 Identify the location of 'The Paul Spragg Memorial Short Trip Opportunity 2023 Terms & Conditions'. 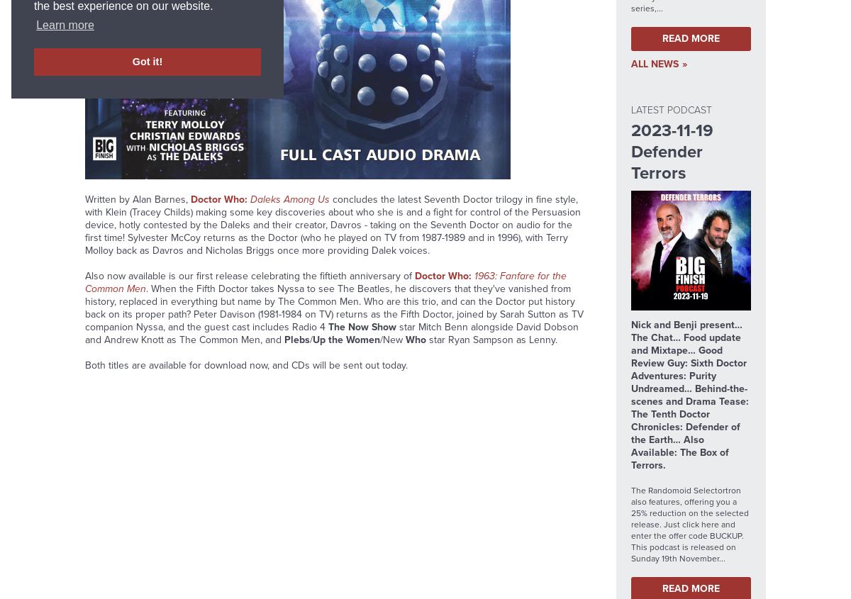
(631, 284).